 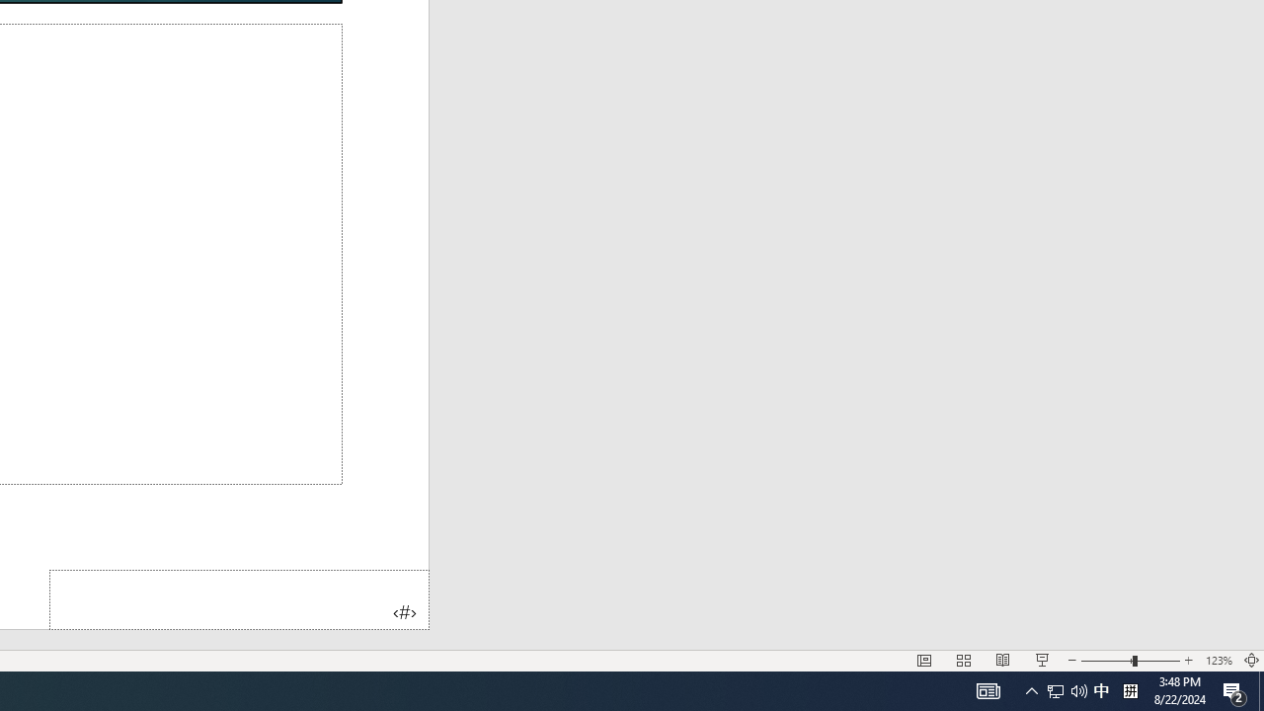 I want to click on 'Zoom 123%', so click(x=1218, y=661).